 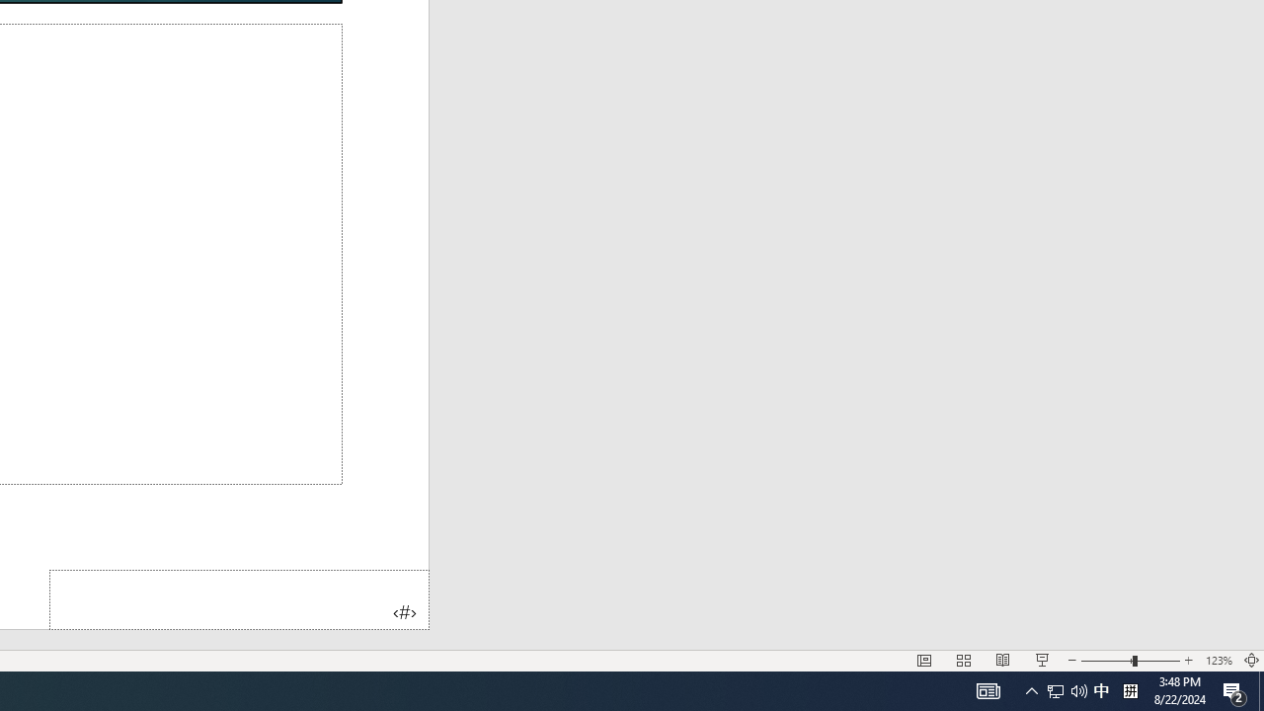 I want to click on 'Zoom 123%', so click(x=1218, y=661).